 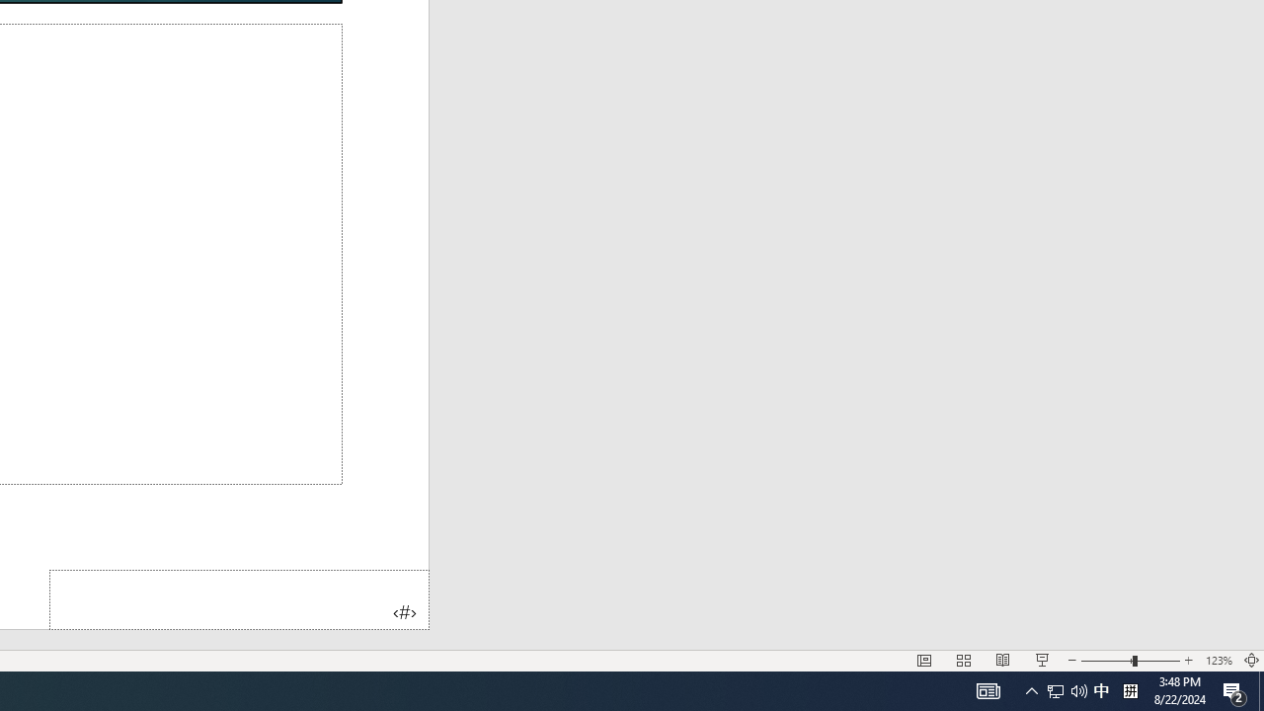 I want to click on 'Zoom 123%', so click(x=1218, y=661).